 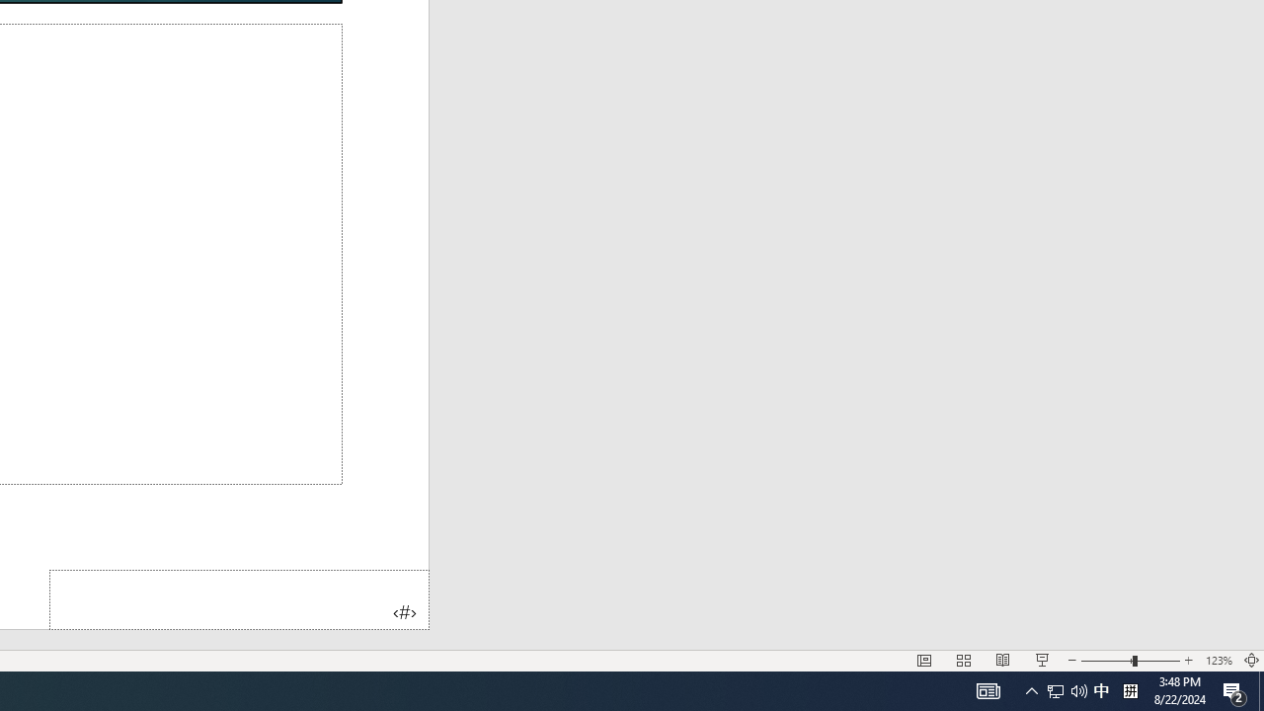 I want to click on 'Zoom 123%', so click(x=1218, y=661).